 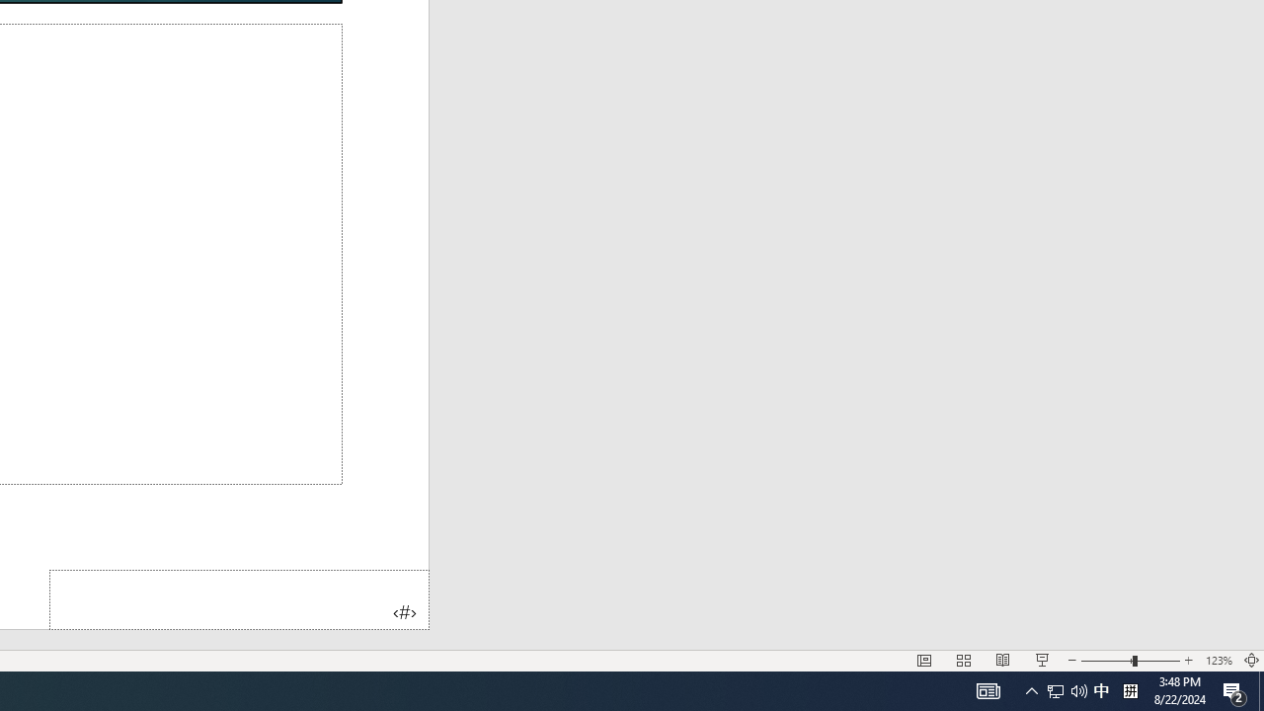 I want to click on 'Zoom 123%', so click(x=1218, y=661).